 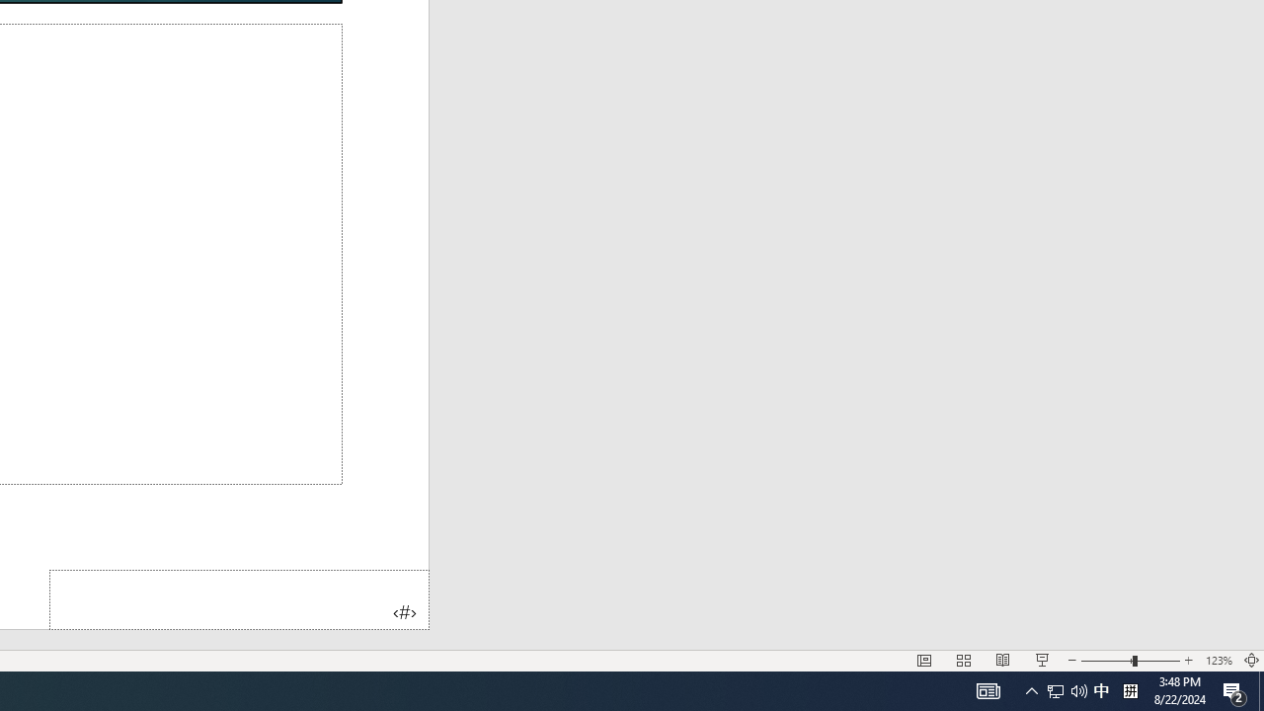 I want to click on 'Zoom 123%', so click(x=1218, y=661).